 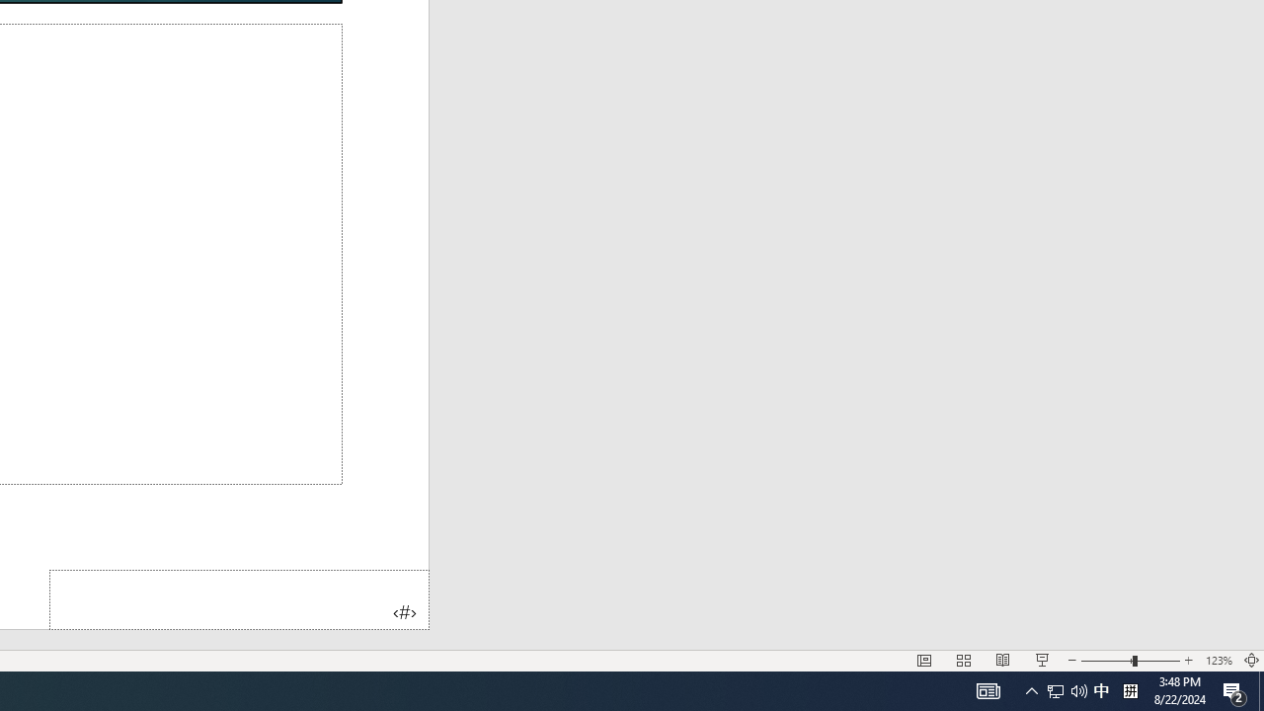 I want to click on 'Zoom 123%', so click(x=1218, y=661).